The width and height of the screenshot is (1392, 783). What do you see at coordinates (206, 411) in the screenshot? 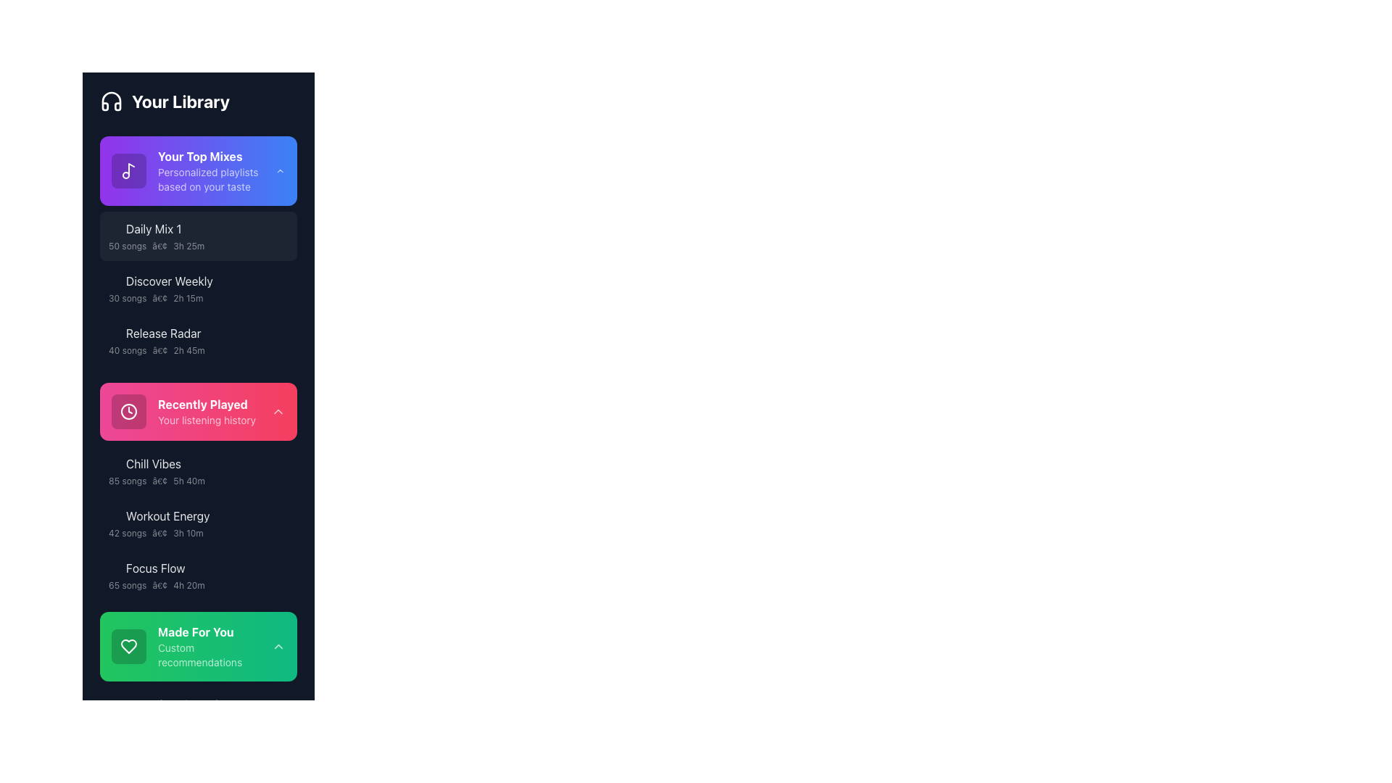
I see `the 'Recently Played' text block, which features bold white text and a gradient background, located below the 'Release Radar' section` at bounding box center [206, 411].